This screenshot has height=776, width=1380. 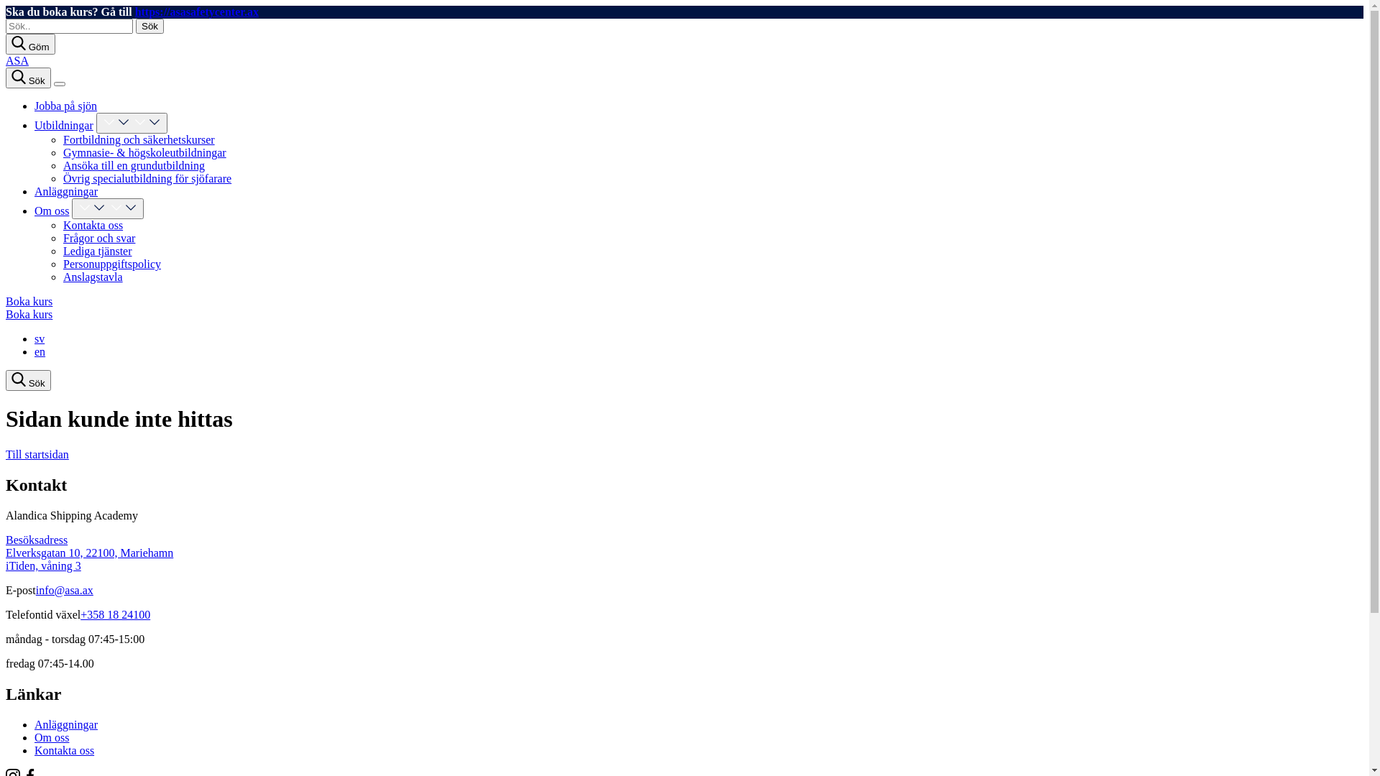 What do you see at coordinates (195, 11) in the screenshot?
I see `'https://asasafetycenter.ax'` at bounding box center [195, 11].